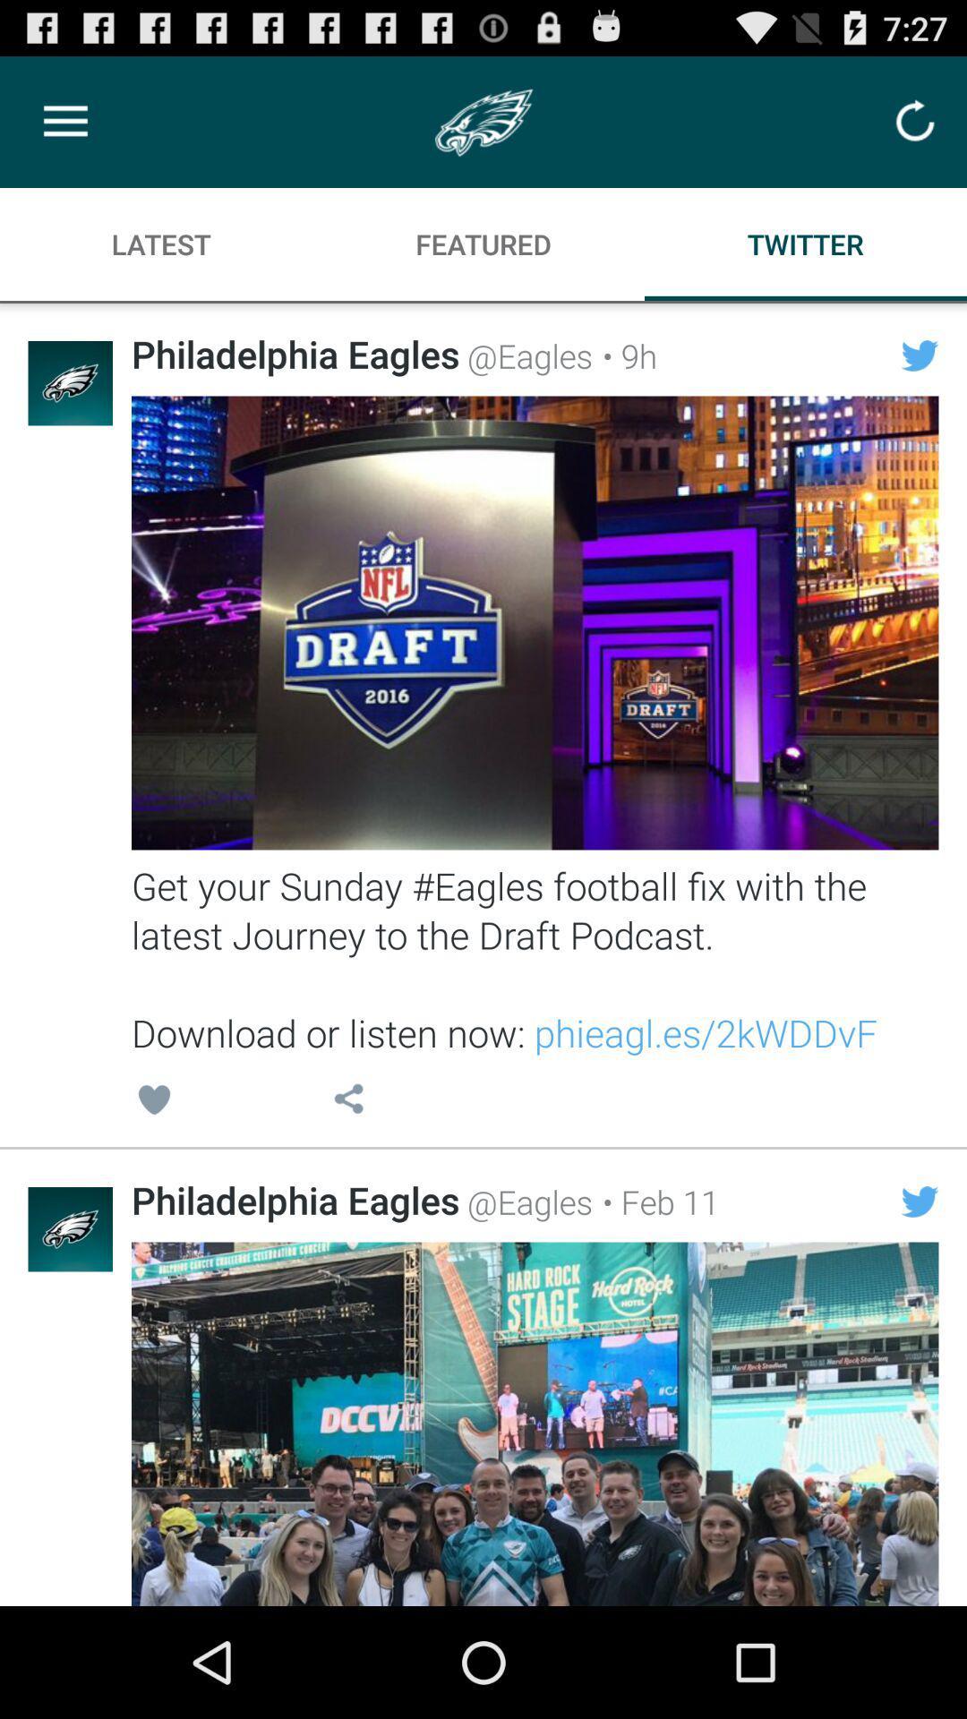 The height and width of the screenshot is (1719, 967). What do you see at coordinates (534, 958) in the screenshot?
I see `get your sunday item` at bounding box center [534, 958].